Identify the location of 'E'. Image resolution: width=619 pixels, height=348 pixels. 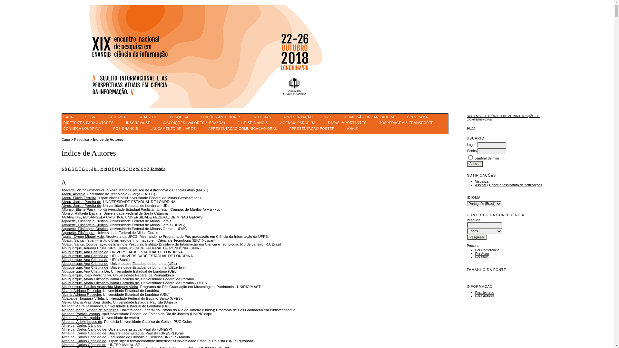
(76, 169).